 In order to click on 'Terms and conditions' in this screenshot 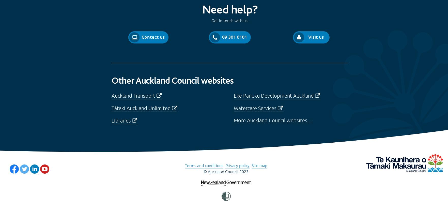, I will do `click(204, 165)`.